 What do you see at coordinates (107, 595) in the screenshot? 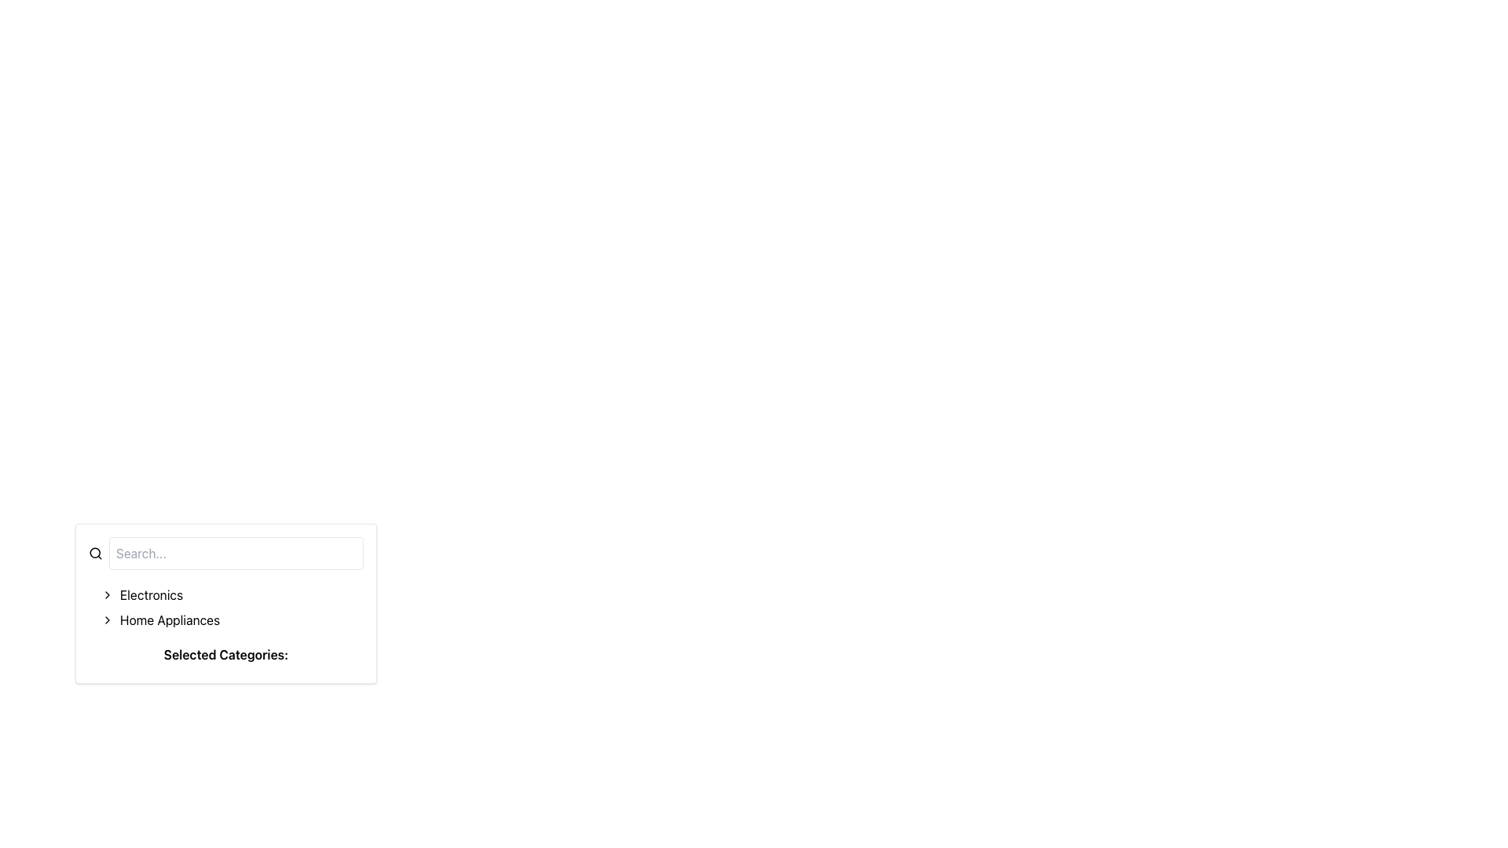
I see `the Chevron or Arrow Icon located to the left of the 'Electronics' text, which serves as a toggle for the 'Electronics' category` at bounding box center [107, 595].